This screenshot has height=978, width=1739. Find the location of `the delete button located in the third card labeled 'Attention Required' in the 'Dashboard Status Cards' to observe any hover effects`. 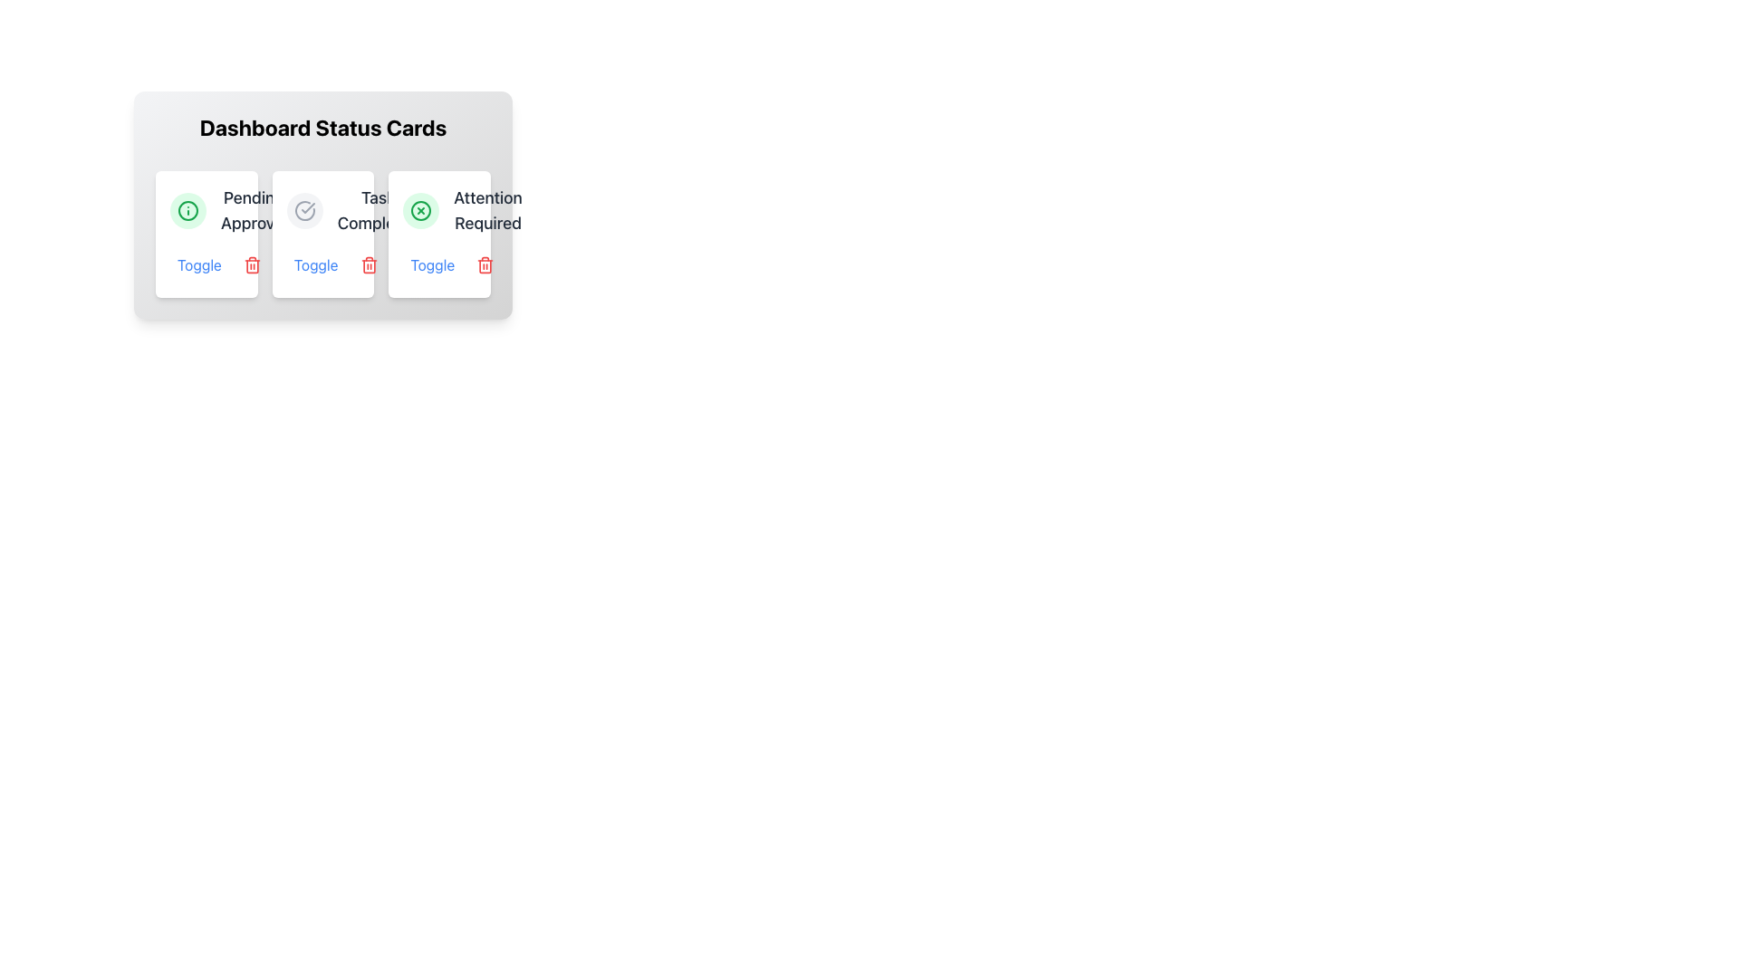

the delete button located in the third card labeled 'Attention Required' in the 'Dashboard Status Cards' to observe any hover effects is located at coordinates (368, 265).